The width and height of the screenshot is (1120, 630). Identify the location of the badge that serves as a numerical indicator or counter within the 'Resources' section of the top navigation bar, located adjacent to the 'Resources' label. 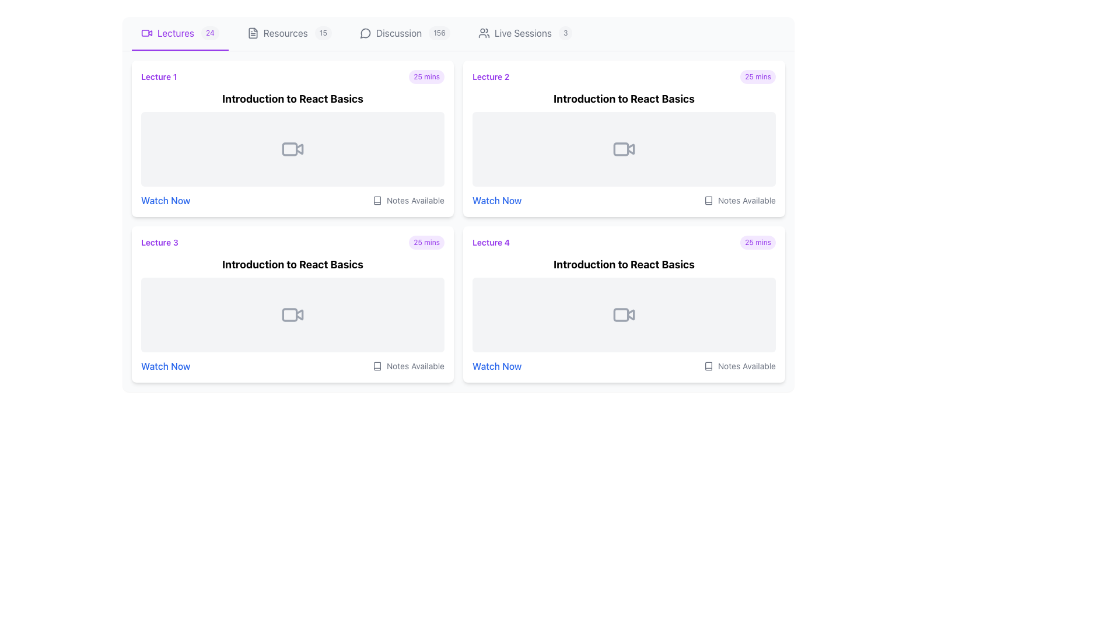
(323, 33).